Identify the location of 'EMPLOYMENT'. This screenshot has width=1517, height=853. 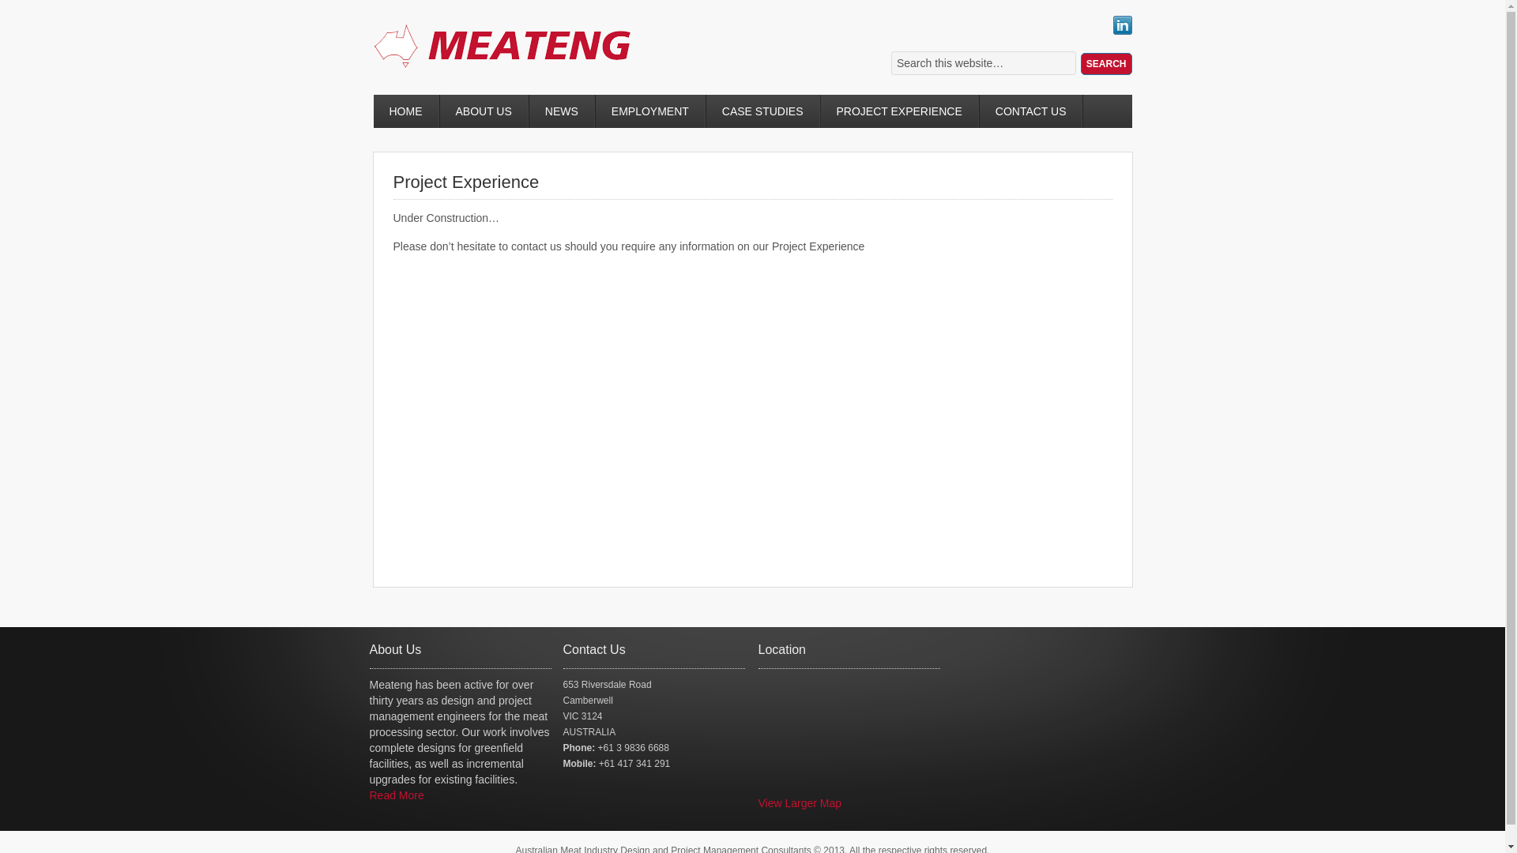
(651, 111).